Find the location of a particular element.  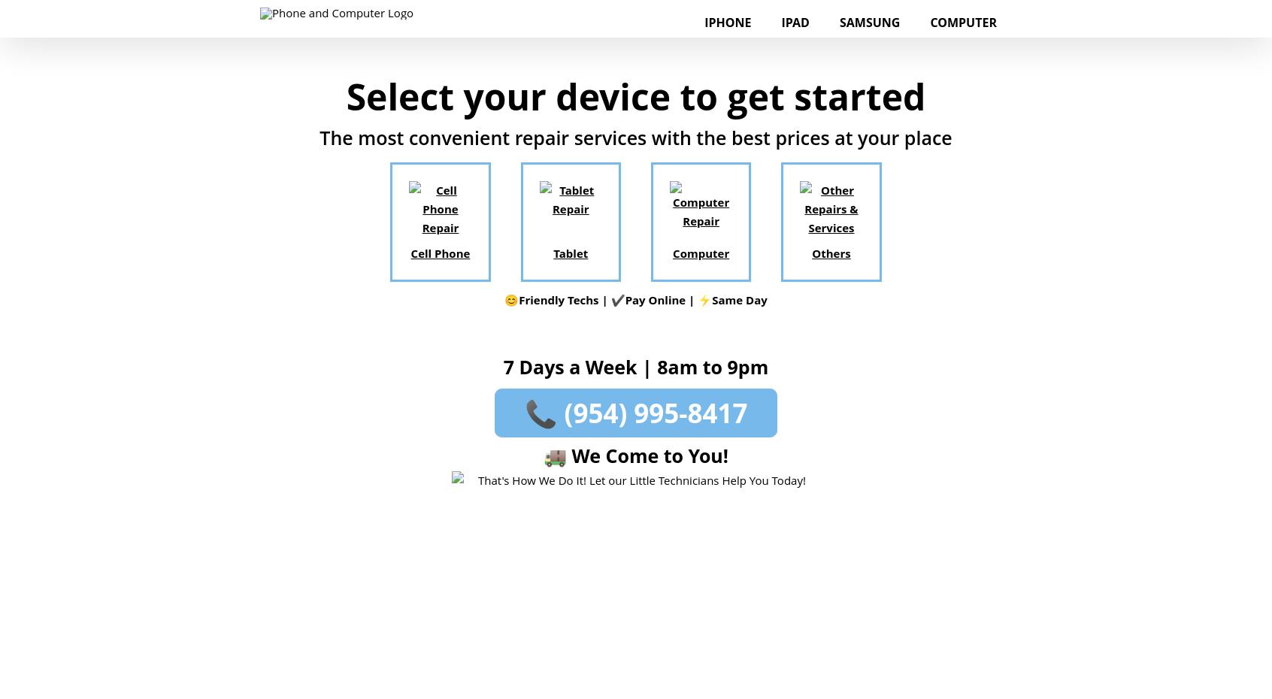

'Cell Phone' is located at coordinates (439, 252).